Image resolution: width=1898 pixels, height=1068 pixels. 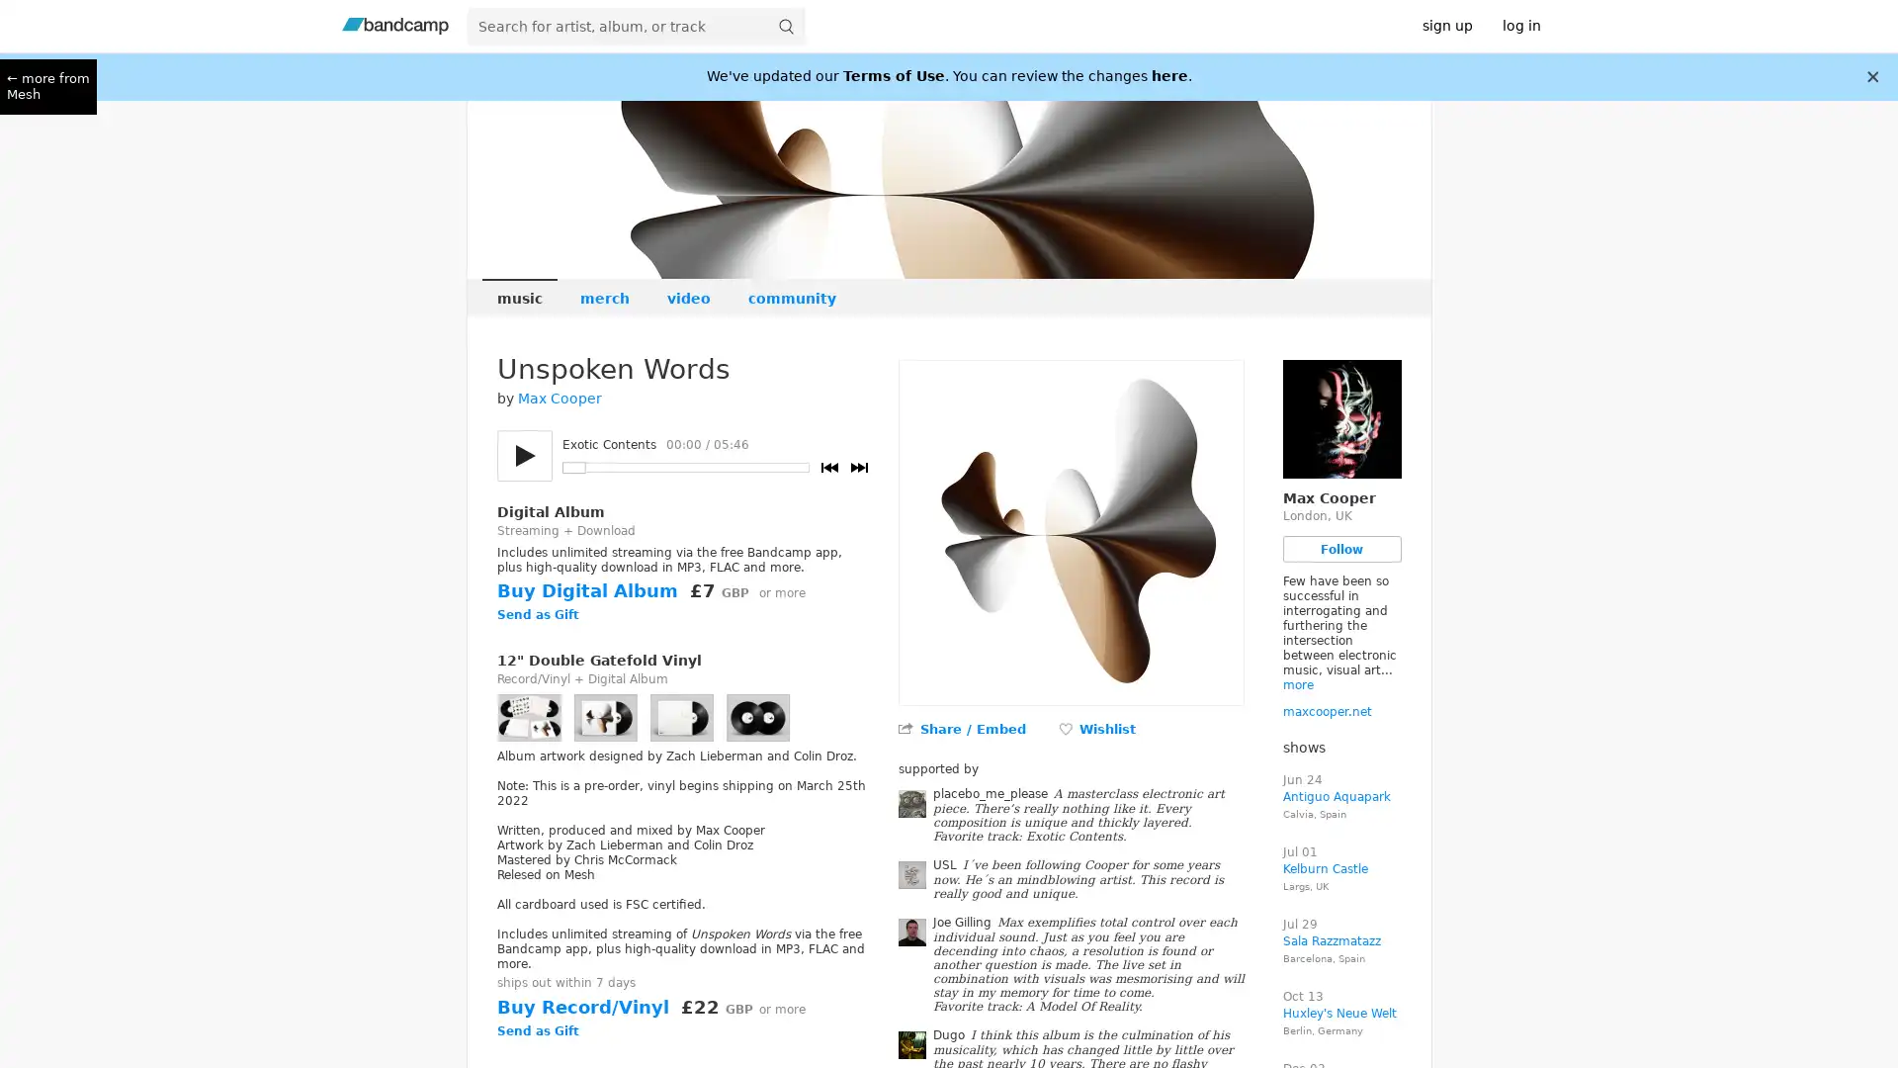 I want to click on Follow, so click(x=1341, y=549).